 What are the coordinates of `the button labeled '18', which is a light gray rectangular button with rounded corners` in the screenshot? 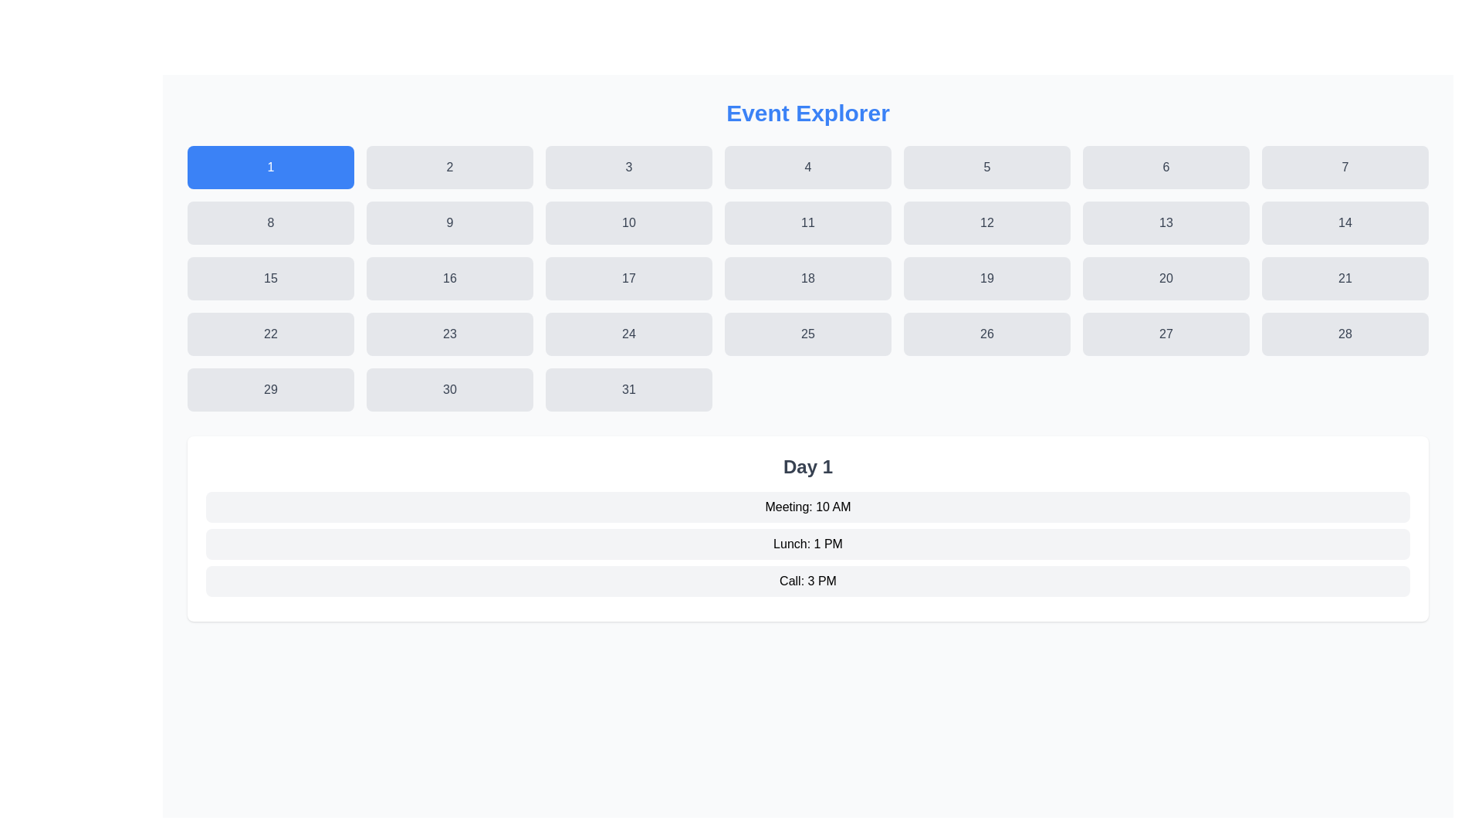 It's located at (807, 279).